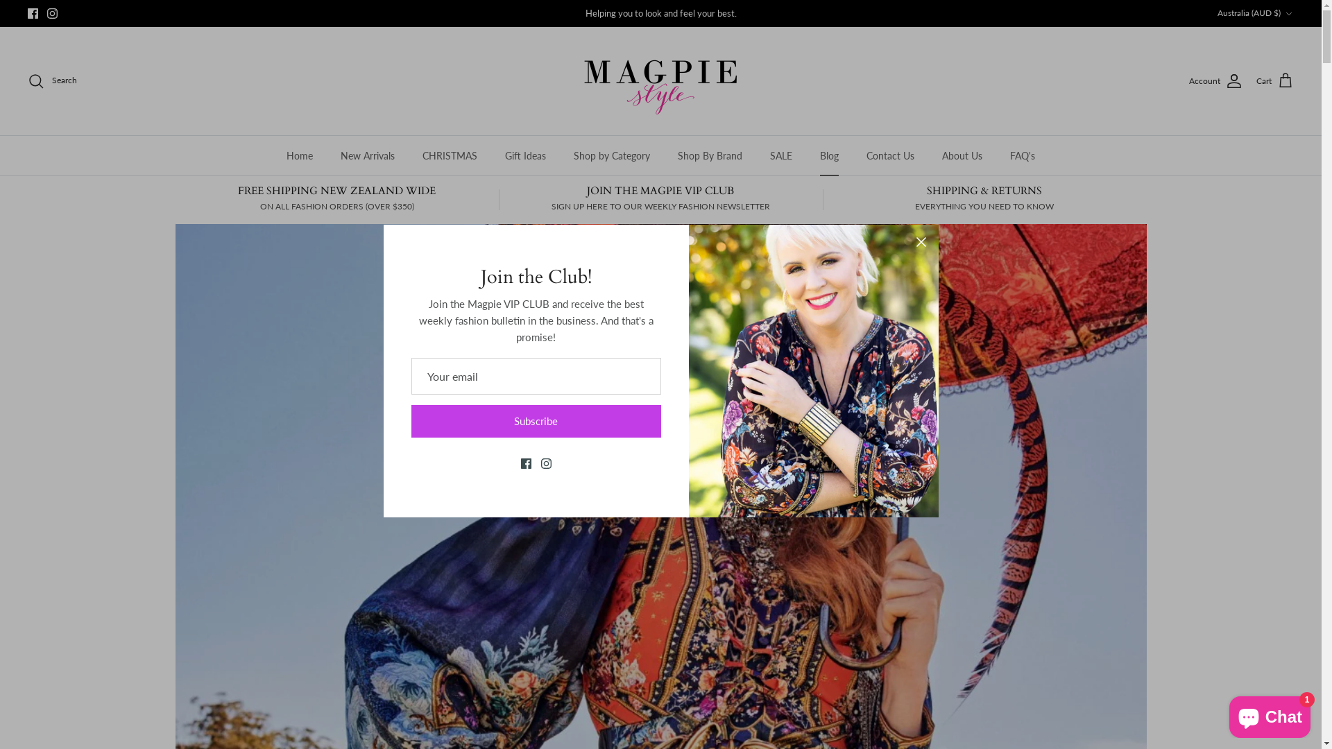 Image resolution: width=1332 pixels, height=749 pixels. I want to click on 'Australia (AUD $), so click(1217, 13).